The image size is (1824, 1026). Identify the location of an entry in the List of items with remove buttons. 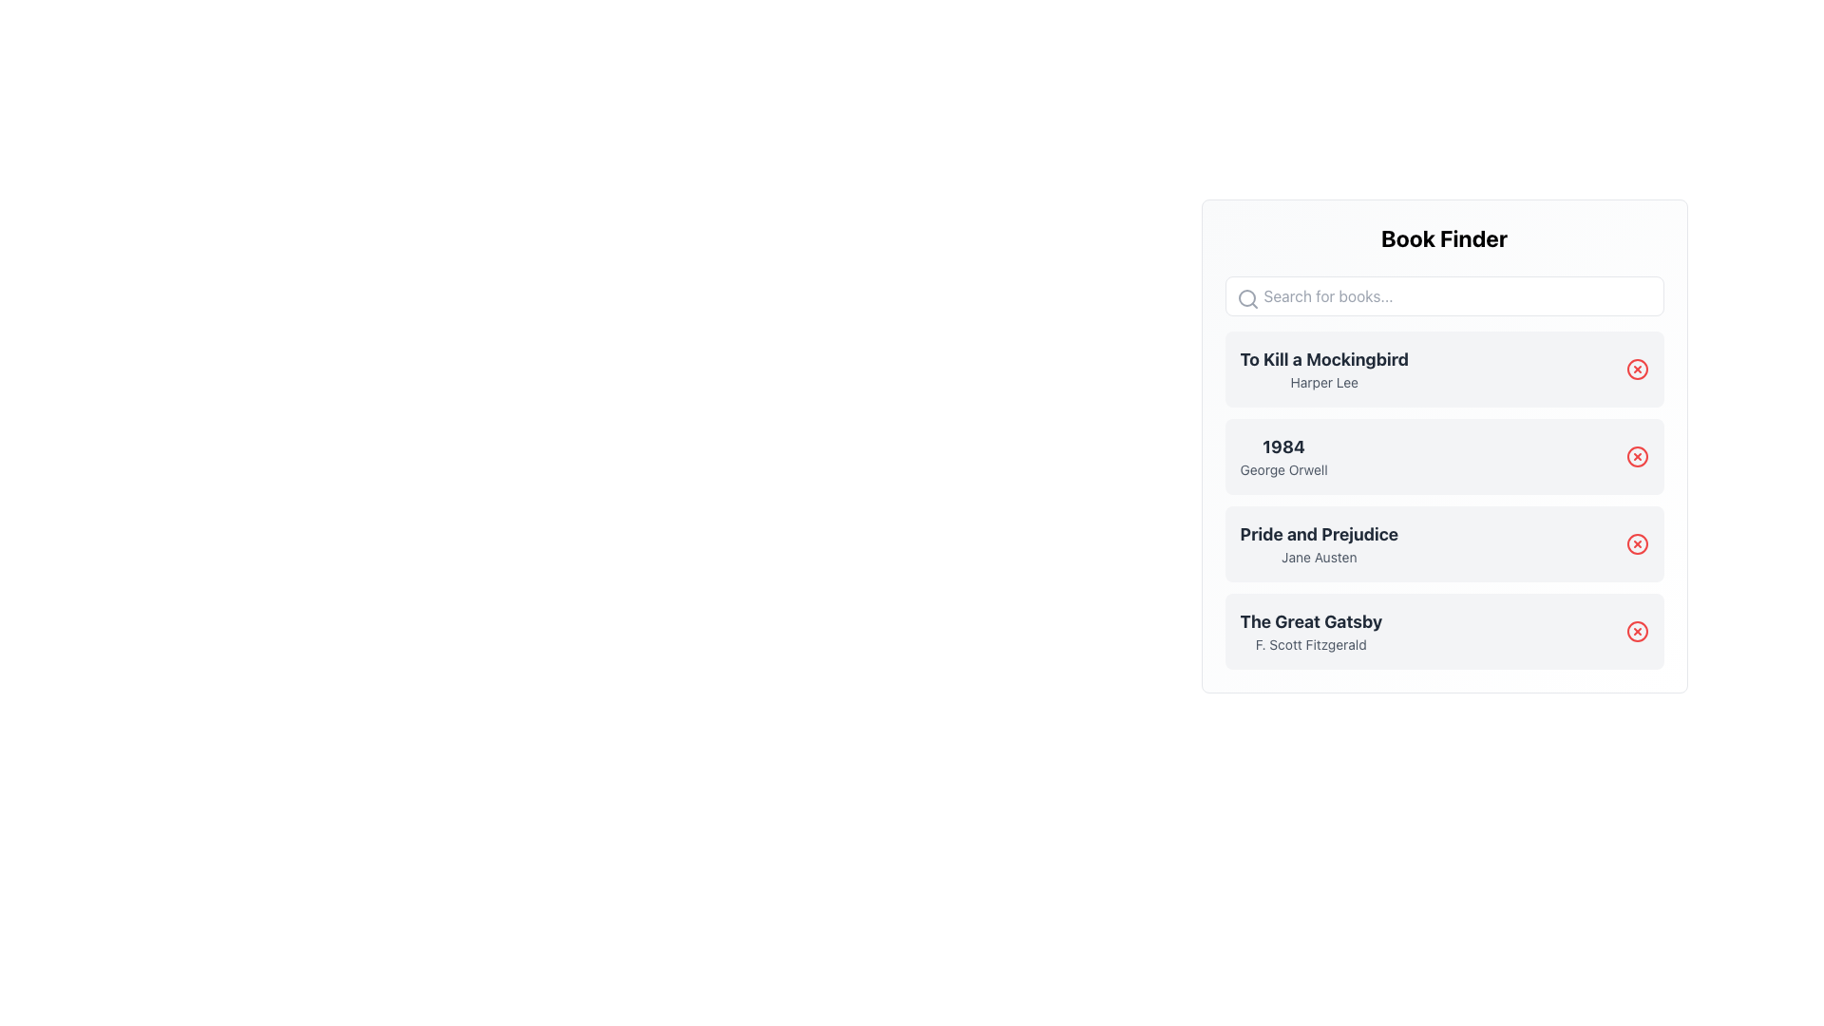
(1444, 500).